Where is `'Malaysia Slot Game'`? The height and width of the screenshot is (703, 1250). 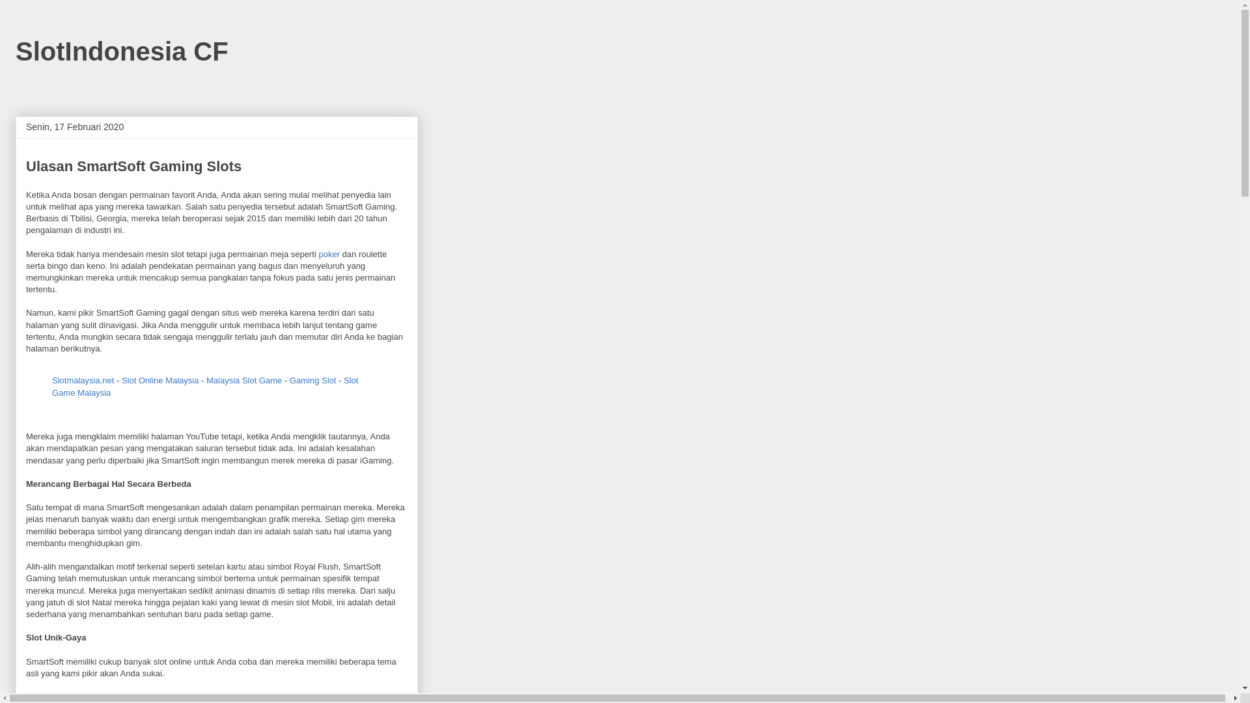 'Malaysia Slot Game' is located at coordinates (243, 380).